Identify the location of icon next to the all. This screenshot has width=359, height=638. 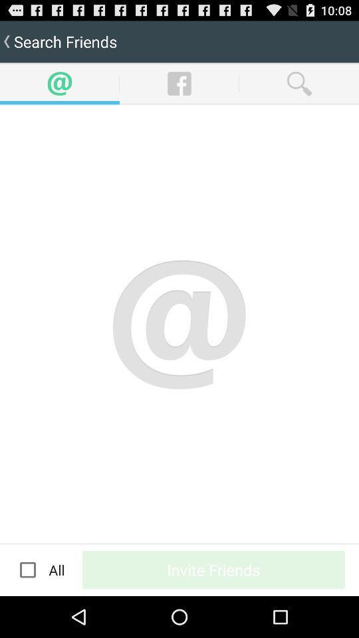
(213, 569).